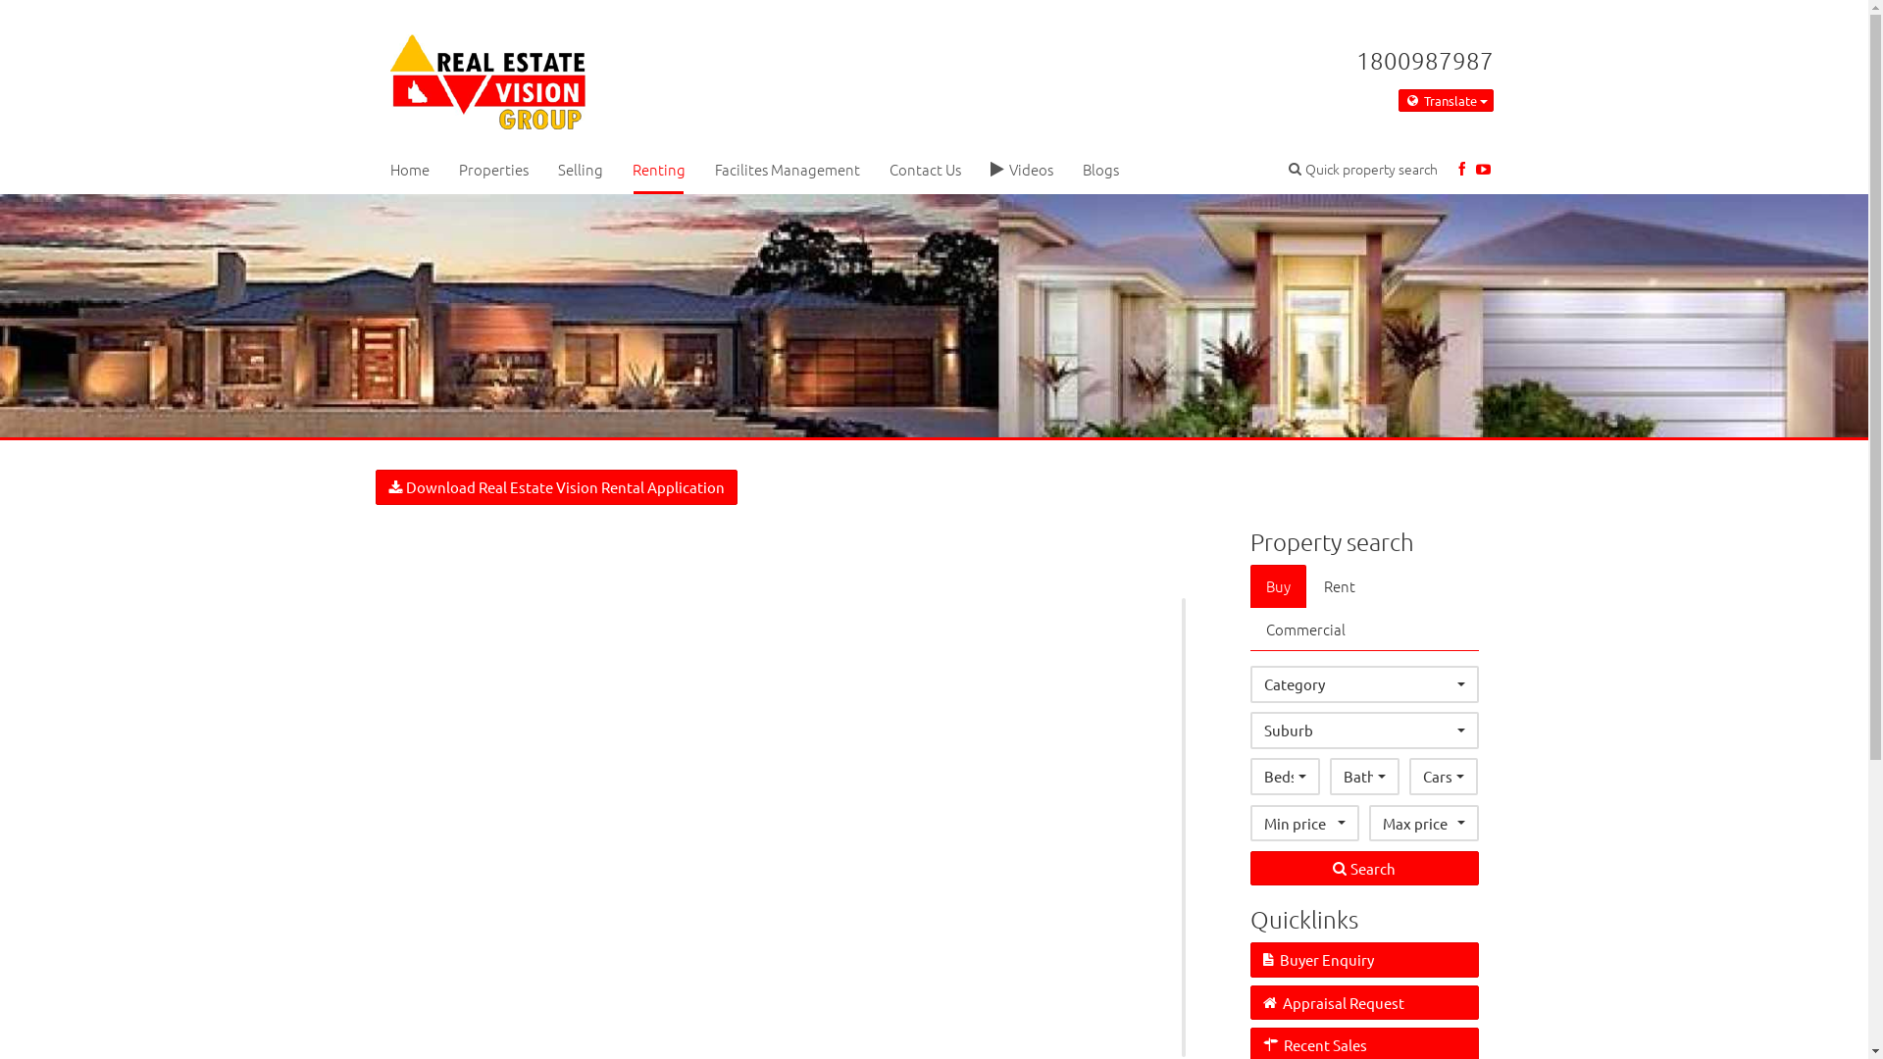 The height and width of the screenshot is (1059, 1883). Describe the element at coordinates (1249, 584) in the screenshot. I see `'Buy'` at that location.